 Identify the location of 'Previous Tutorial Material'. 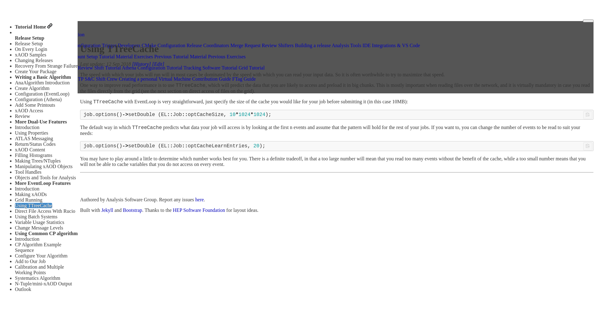
(180, 56).